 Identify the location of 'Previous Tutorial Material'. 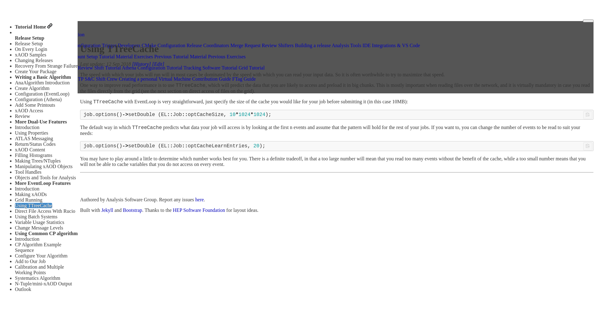
(180, 56).